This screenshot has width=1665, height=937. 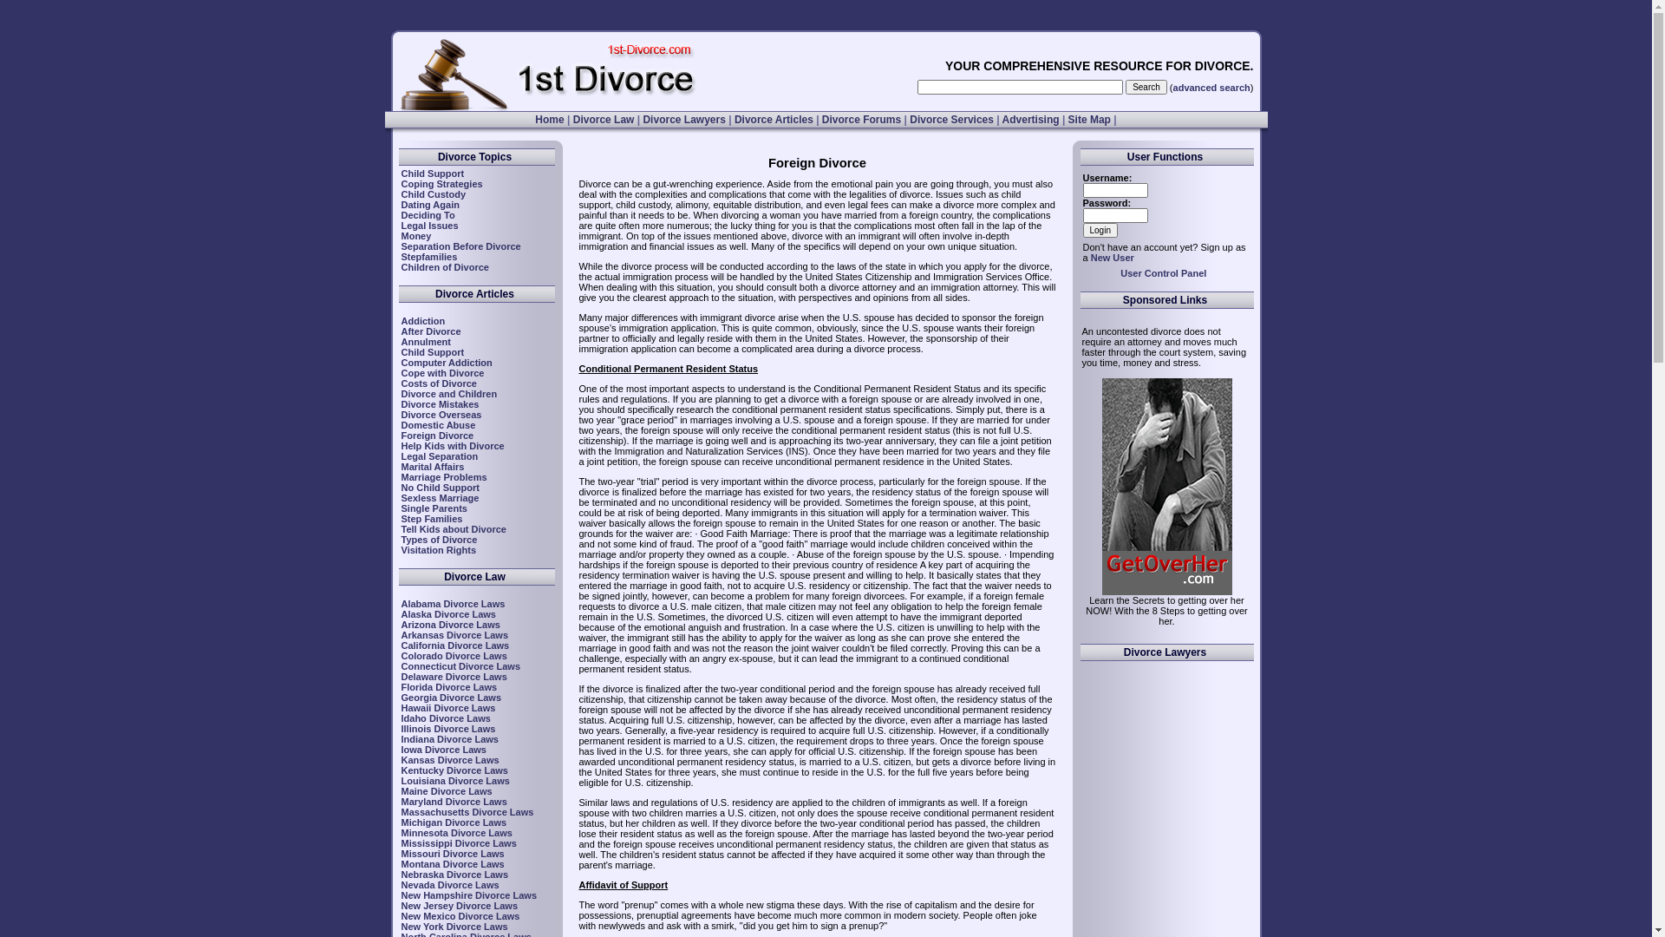 I want to click on 'Colorado Divorce Laws', so click(x=454, y=656).